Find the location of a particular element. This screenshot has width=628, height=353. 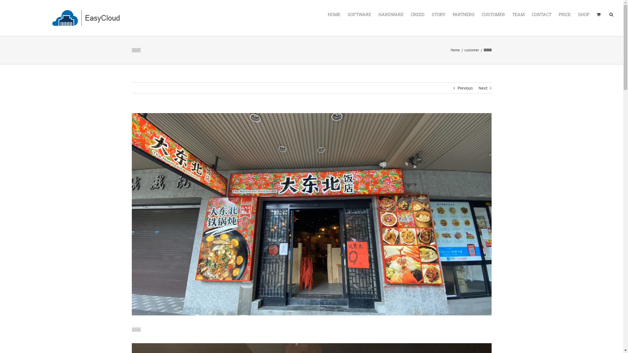

'PARTNERS' is located at coordinates (463, 14).